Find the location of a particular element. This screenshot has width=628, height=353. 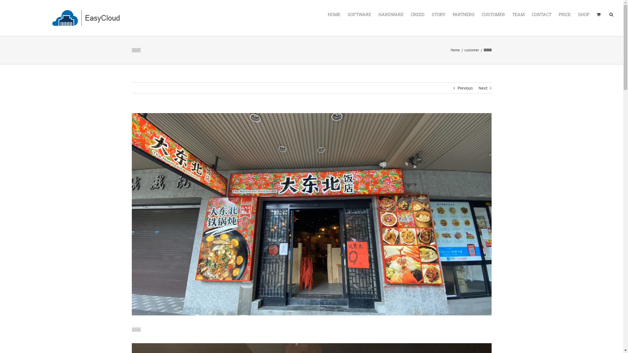

'PARTNERS' is located at coordinates (463, 14).